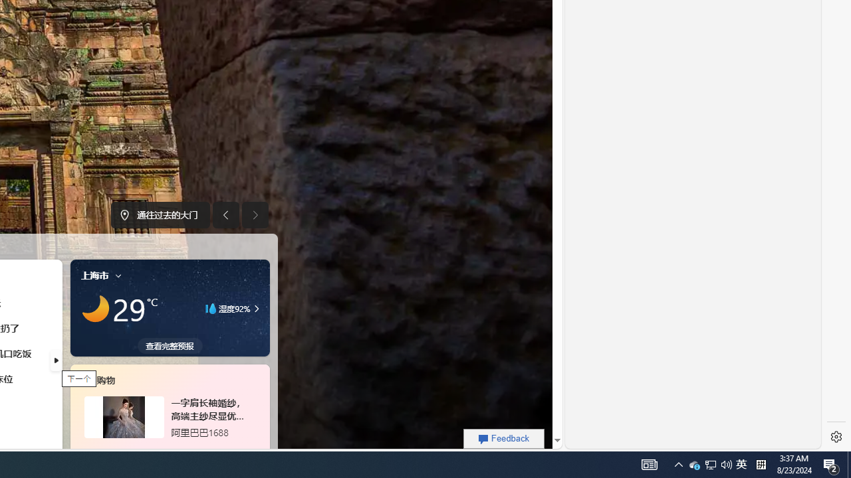 The width and height of the screenshot is (851, 478). I want to click on 'Next image', so click(255, 214).